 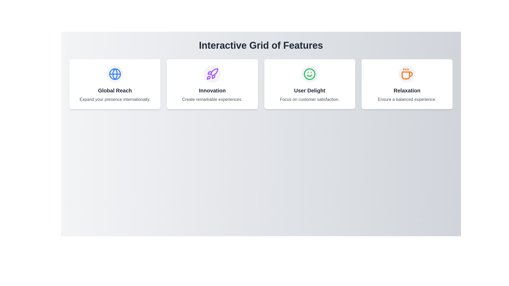 What do you see at coordinates (212, 90) in the screenshot?
I see `the 'Innovation' text label, which is styled with a large, bold, dark gray font and is located in the second card of a horizontally aligned group of four cards, directly below a circular icon` at bounding box center [212, 90].